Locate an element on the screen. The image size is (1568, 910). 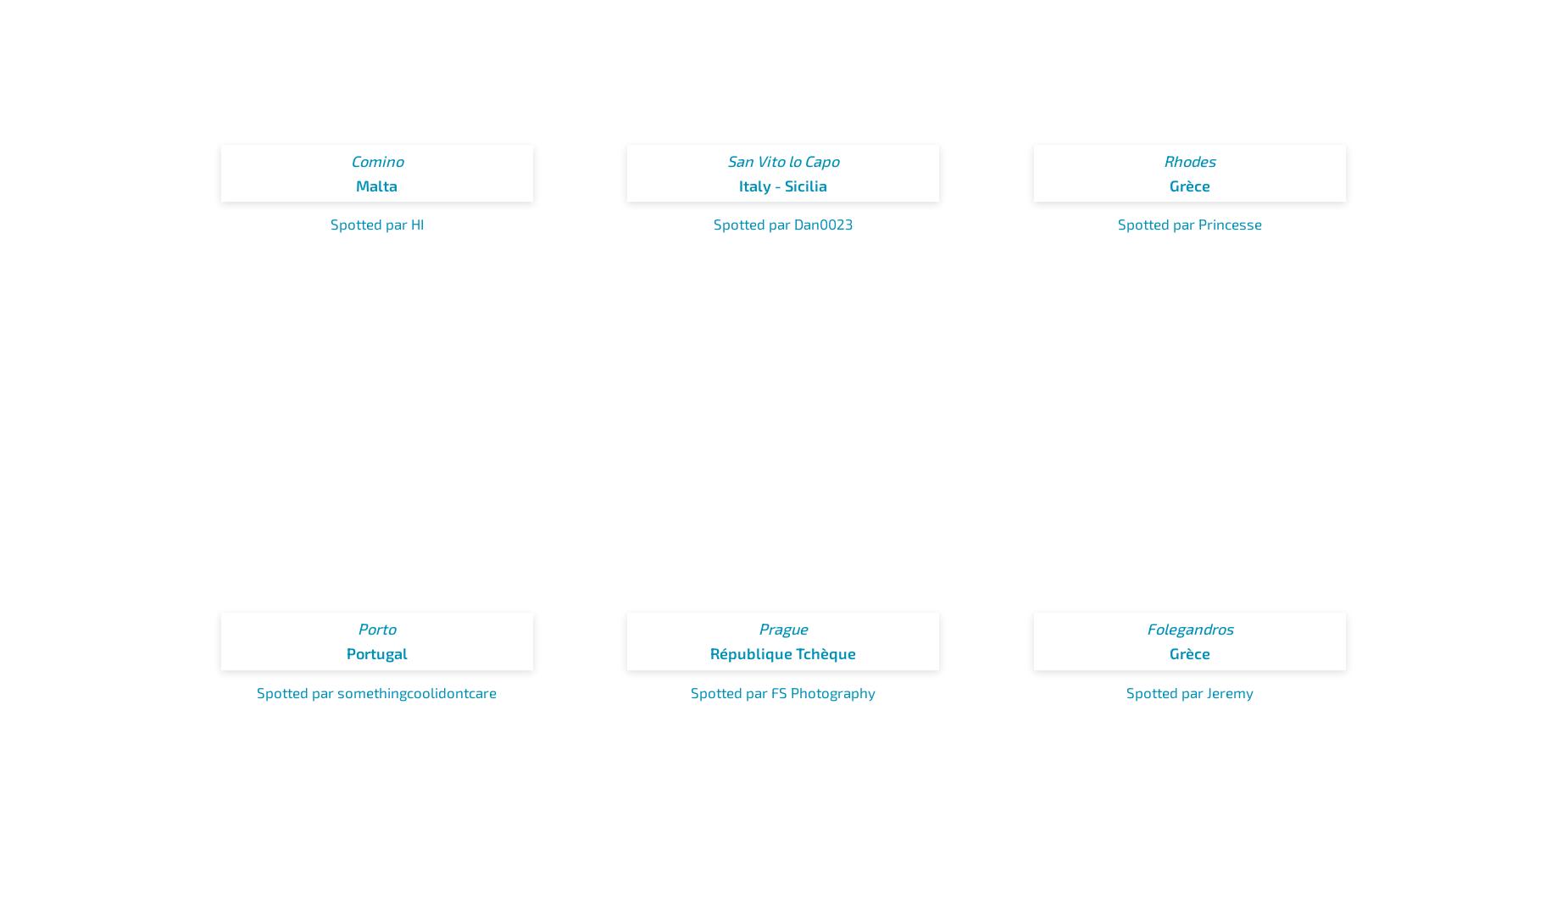
'Prague' is located at coordinates (783, 629).